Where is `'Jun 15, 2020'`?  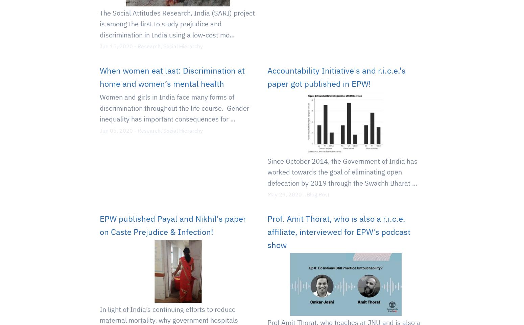
'Jun 15, 2020' is located at coordinates (116, 46).